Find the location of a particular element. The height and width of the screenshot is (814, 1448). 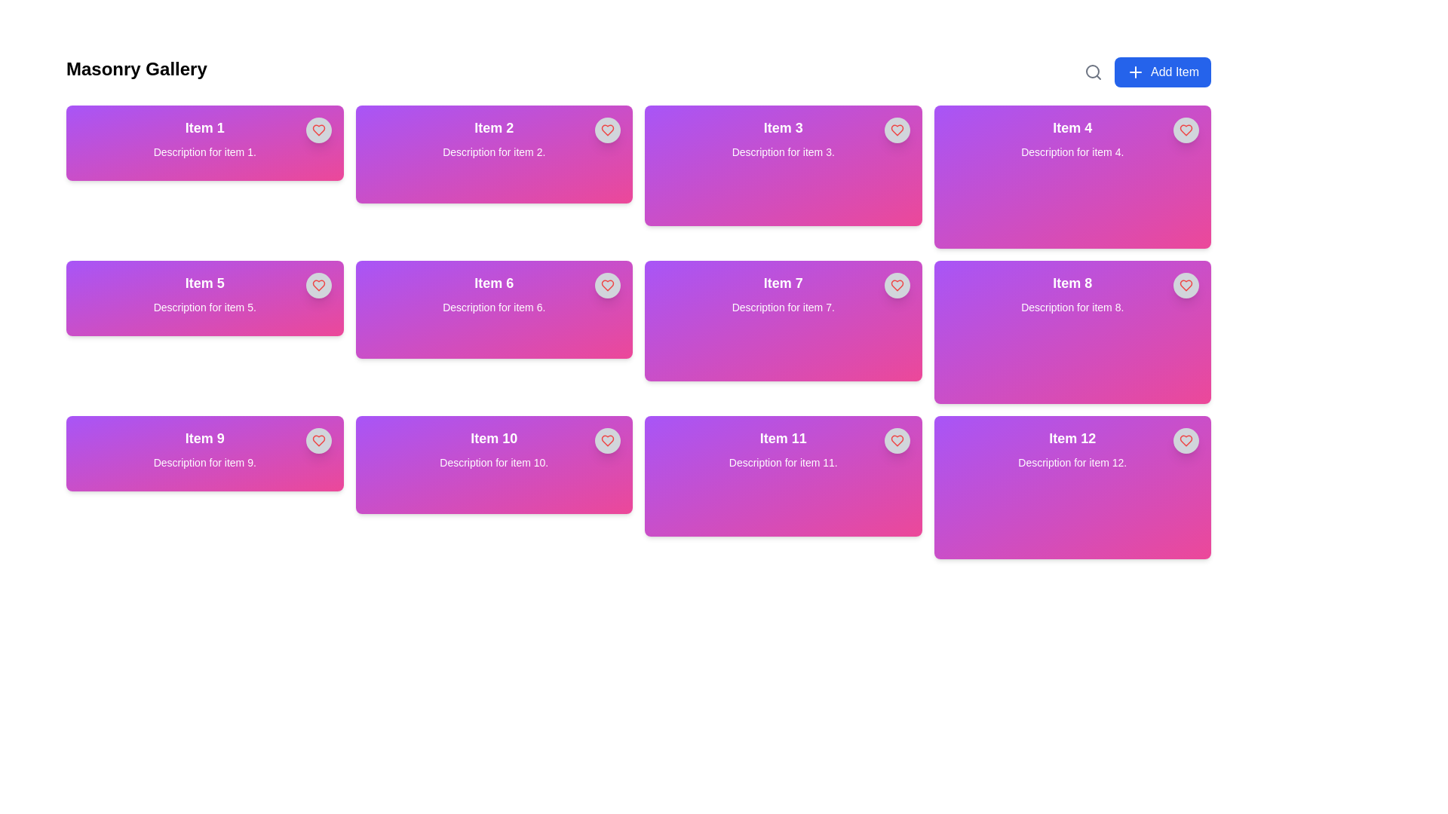

the text label 'Item 9' which serves as a title for its associated card, positioned in the bottom-left area of the grid layout is located at coordinates (204, 439).